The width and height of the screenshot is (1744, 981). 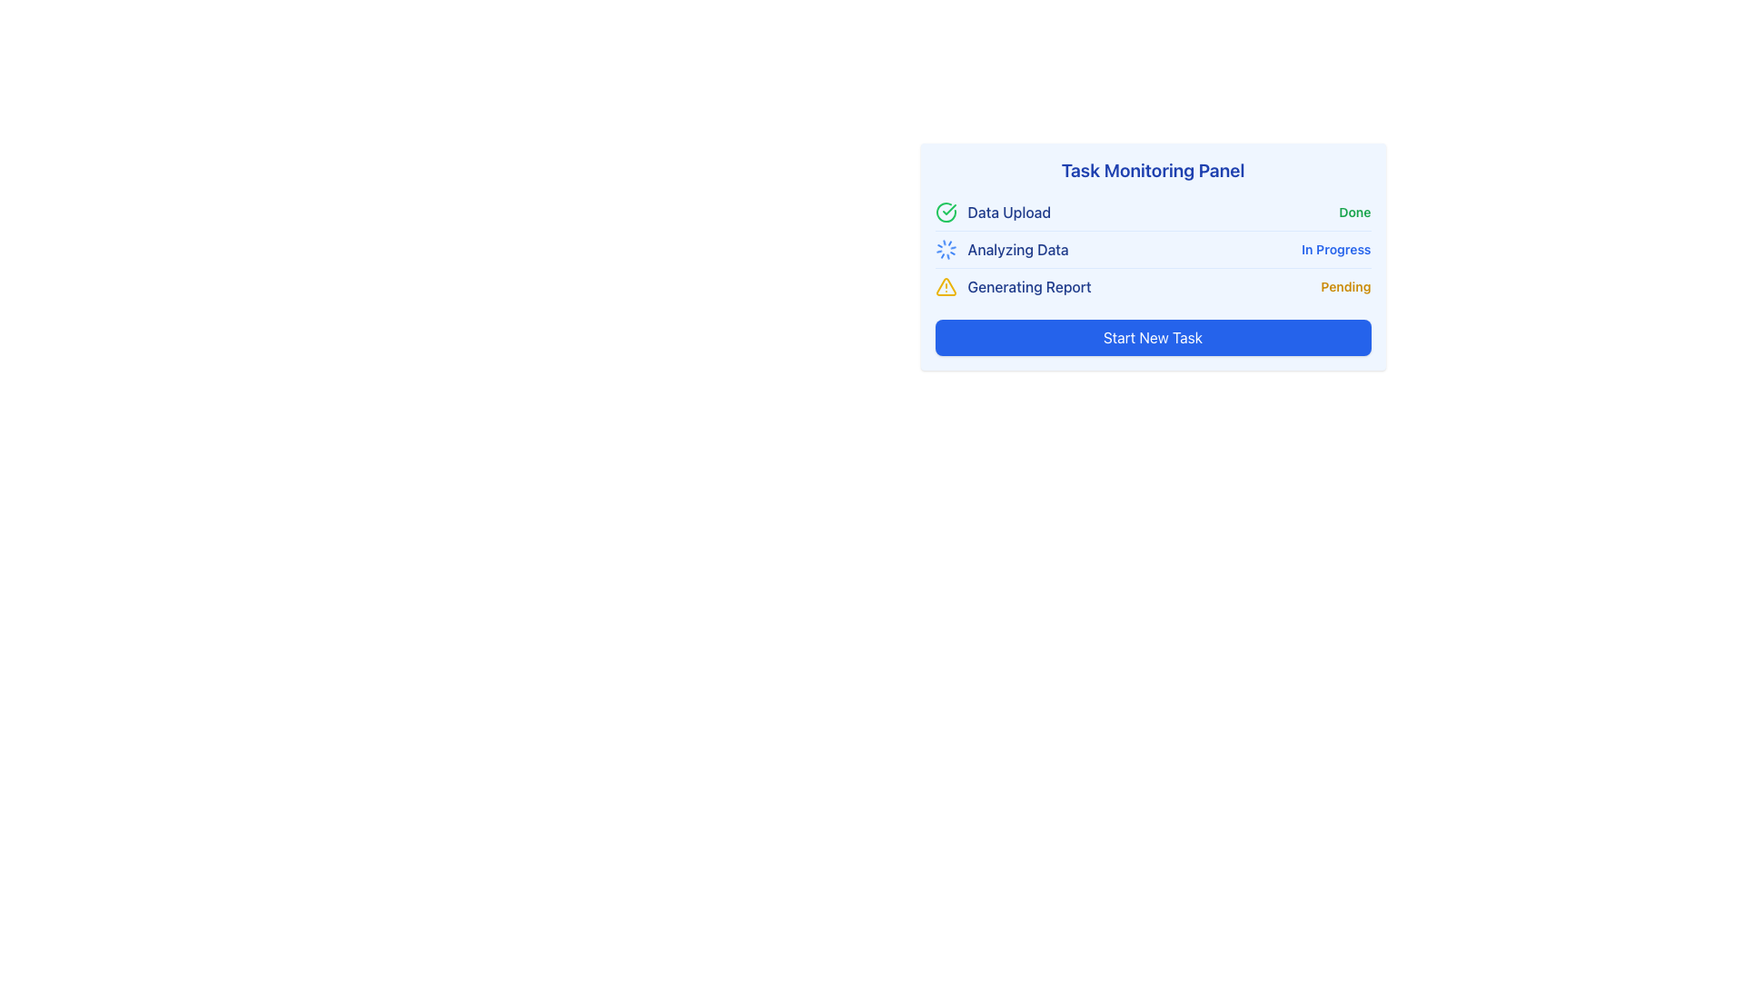 What do you see at coordinates (945, 212) in the screenshot?
I see `the green circular icon with a checkmark in the center, located at the leftmost position of the 'Data Upload' row in the task monitoring panel` at bounding box center [945, 212].